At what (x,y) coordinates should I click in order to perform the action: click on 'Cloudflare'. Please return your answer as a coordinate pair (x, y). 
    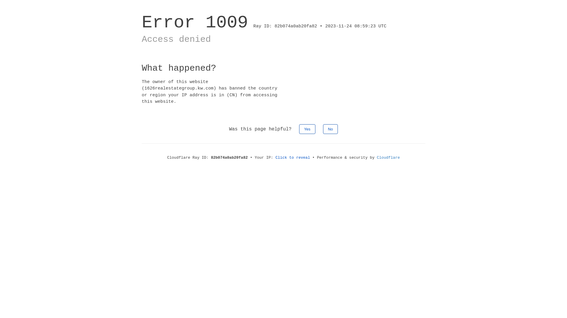
    Looking at the image, I should click on (388, 157).